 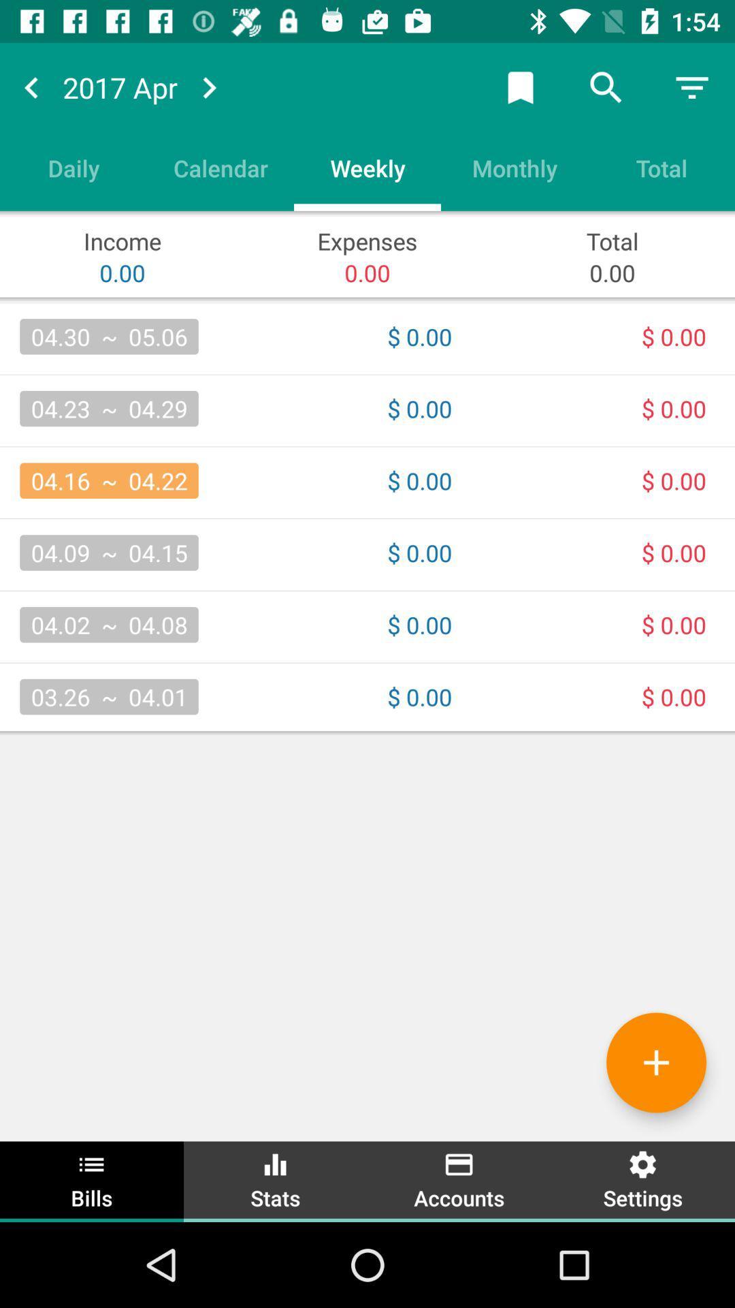 What do you see at coordinates (655, 1062) in the screenshot?
I see `the add icon` at bounding box center [655, 1062].